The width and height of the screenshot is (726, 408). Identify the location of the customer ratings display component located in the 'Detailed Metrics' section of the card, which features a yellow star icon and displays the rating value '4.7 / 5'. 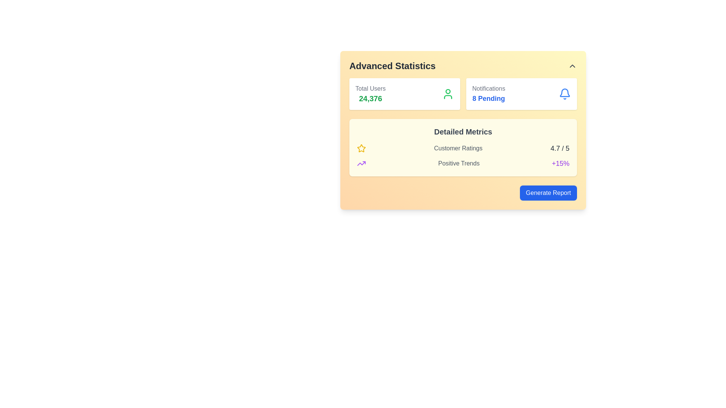
(462, 148).